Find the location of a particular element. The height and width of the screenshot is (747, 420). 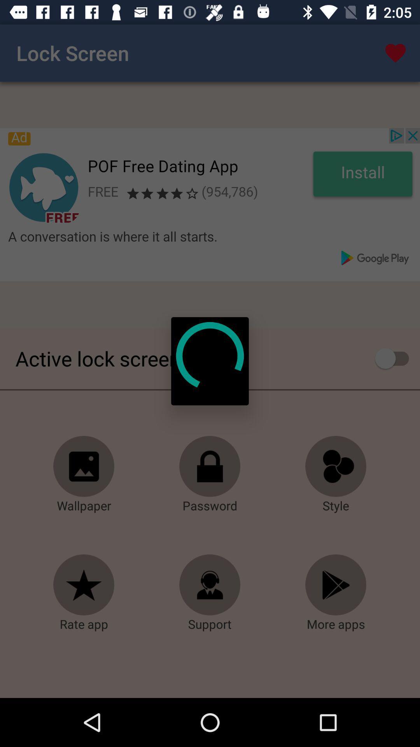

active lock screen option is located at coordinates (395, 358).